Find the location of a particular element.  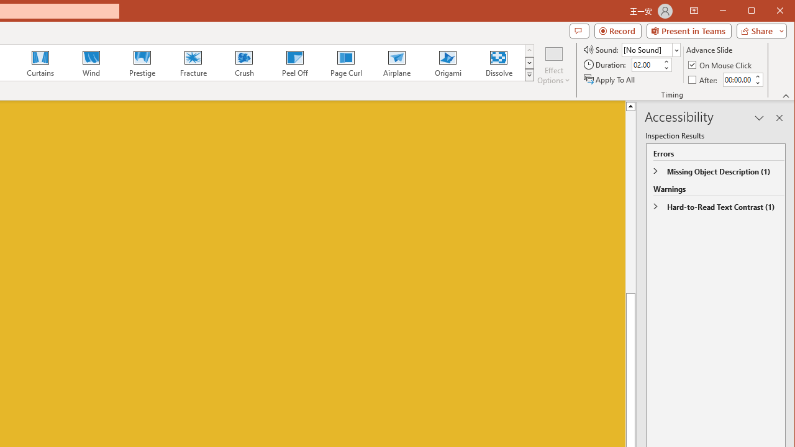

'On Mouse Click' is located at coordinates (720, 65).